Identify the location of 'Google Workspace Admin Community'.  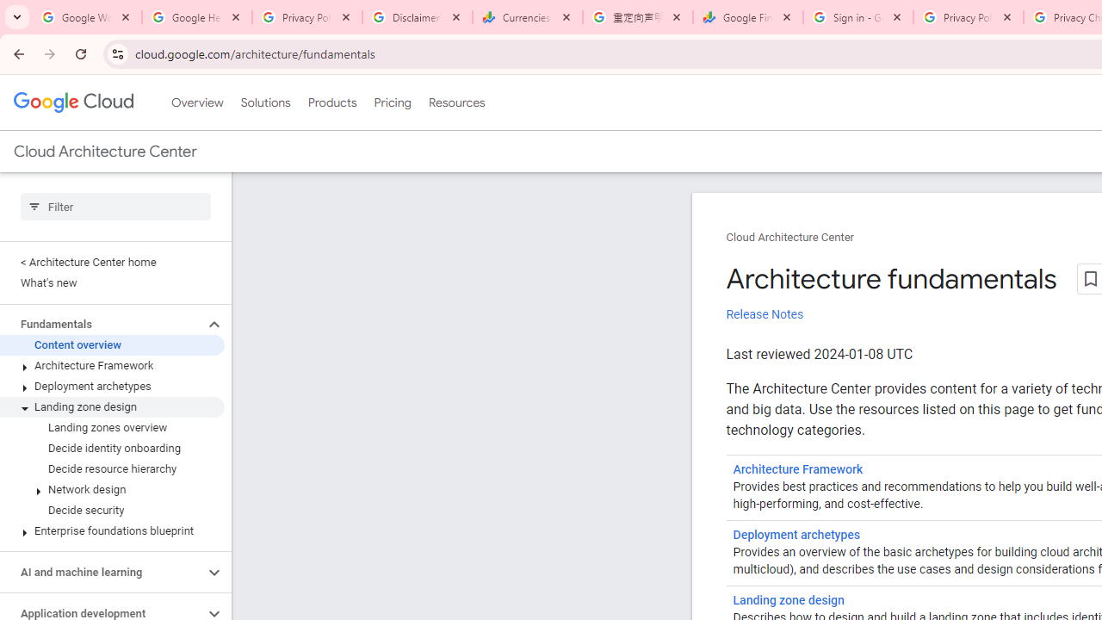
(86, 17).